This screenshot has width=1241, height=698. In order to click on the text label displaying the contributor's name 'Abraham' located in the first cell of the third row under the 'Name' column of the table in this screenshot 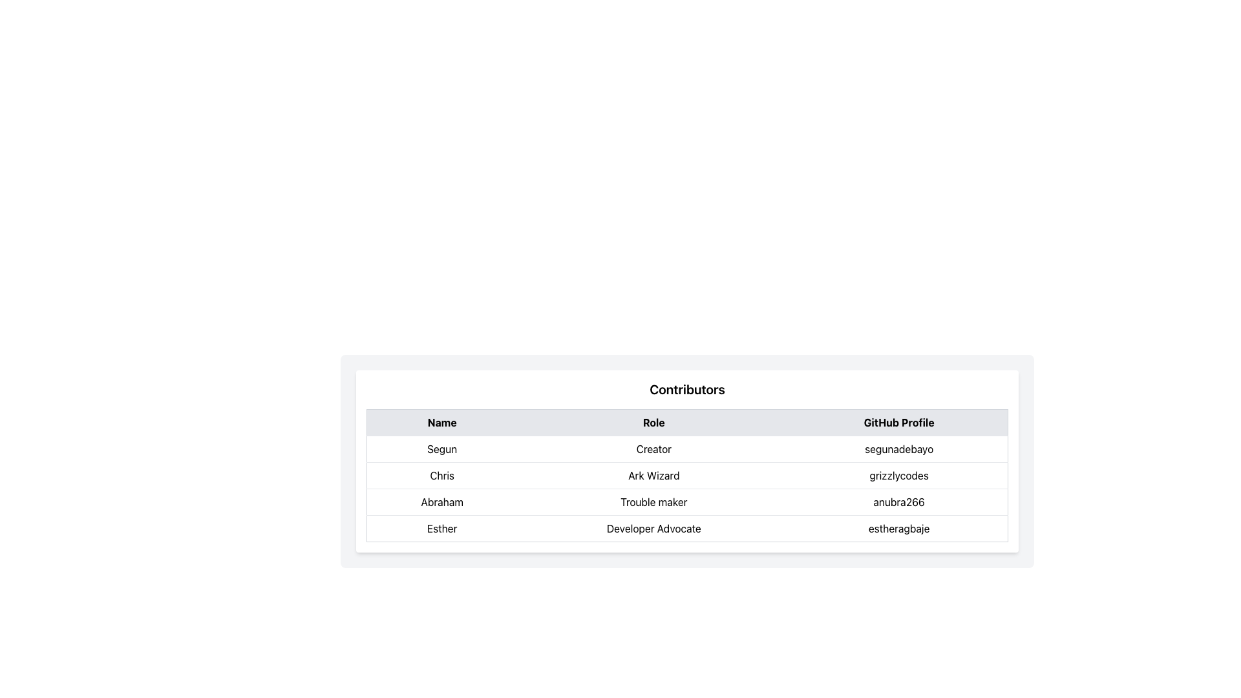, I will do `click(441, 501)`.